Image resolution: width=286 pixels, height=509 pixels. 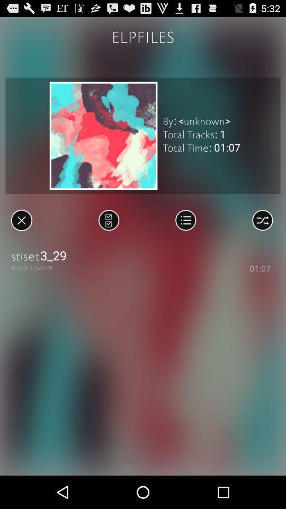 I want to click on icon above stiset3_29 item, so click(x=185, y=220).